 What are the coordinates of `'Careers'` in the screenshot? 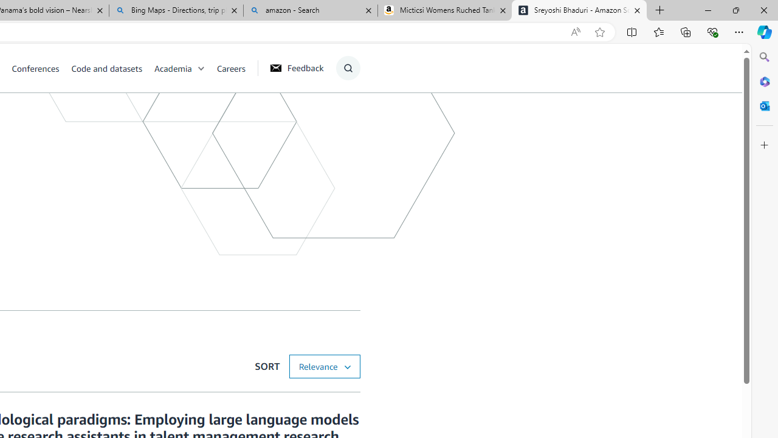 It's located at (231, 68).